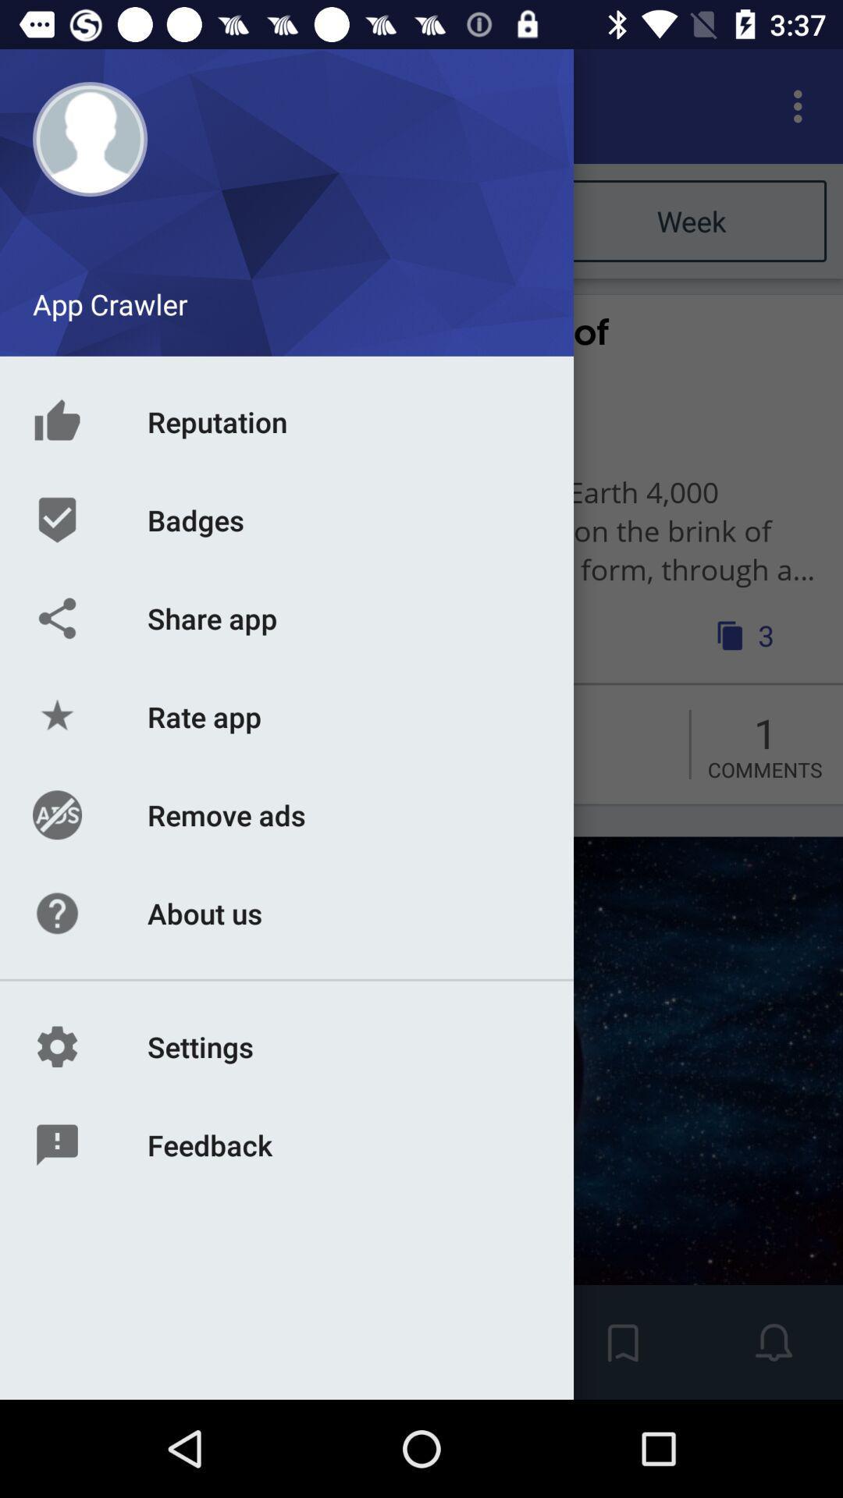 The width and height of the screenshot is (843, 1498). I want to click on the icon which is left side of the rate app, so click(52, 737).